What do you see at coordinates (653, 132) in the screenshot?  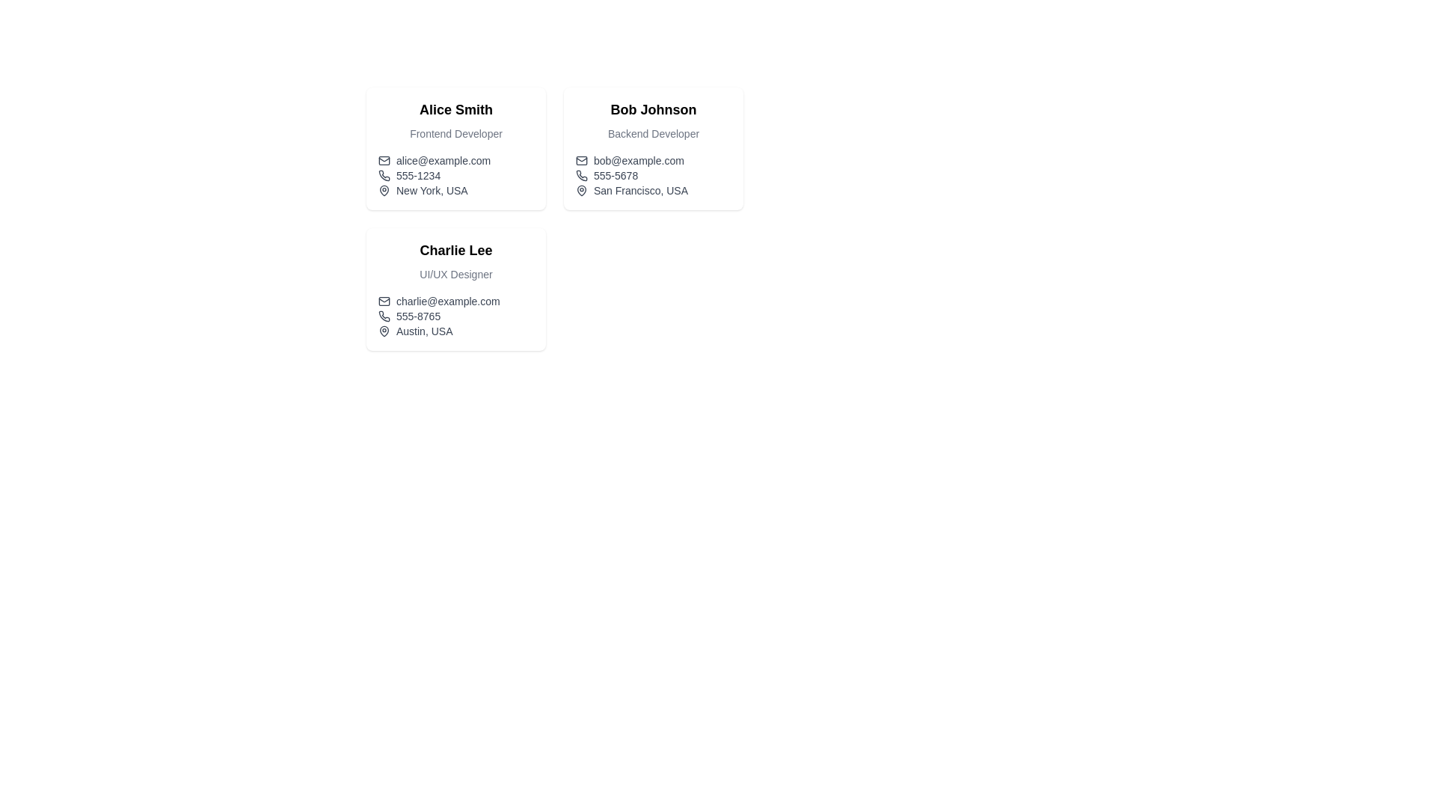 I see `the text label displaying 'Backend Developer' located beneath the title 'Bob Johnson' in the card for 'Bob Johnson'` at bounding box center [653, 132].